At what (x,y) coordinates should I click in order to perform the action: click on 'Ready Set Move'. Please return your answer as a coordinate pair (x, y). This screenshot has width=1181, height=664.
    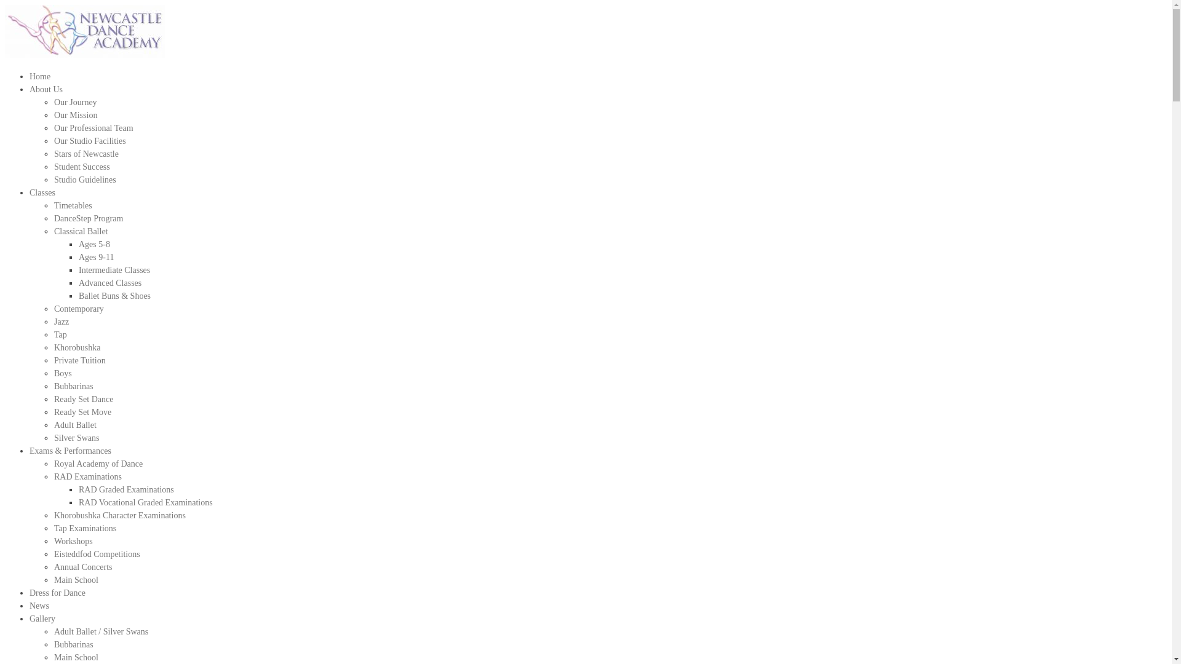
    Looking at the image, I should click on (82, 412).